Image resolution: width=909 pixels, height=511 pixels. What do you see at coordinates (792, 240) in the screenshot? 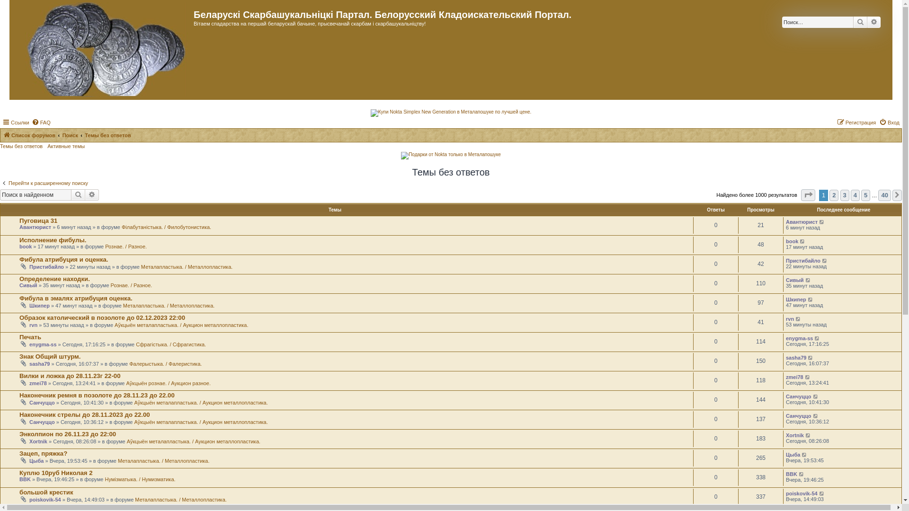
I see `'book'` at bounding box center [792, 240].